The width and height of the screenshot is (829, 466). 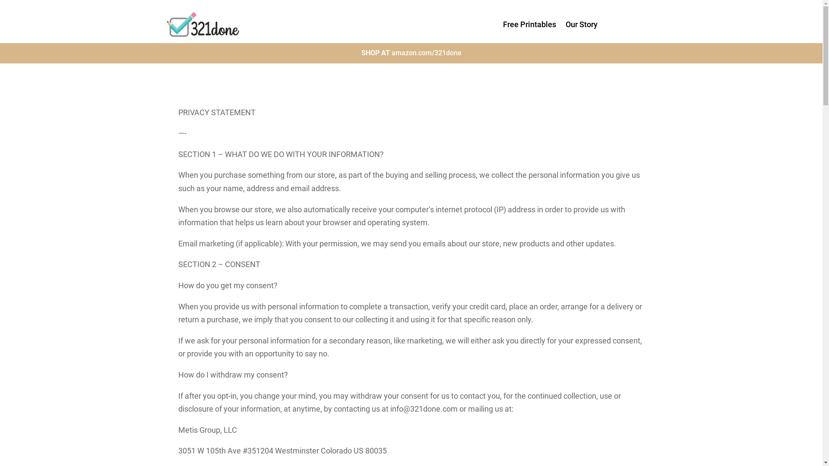 What do you see at coordinates (203, 24) in the screenshot?
I see `'Print'` at bounding box center [203, 24].